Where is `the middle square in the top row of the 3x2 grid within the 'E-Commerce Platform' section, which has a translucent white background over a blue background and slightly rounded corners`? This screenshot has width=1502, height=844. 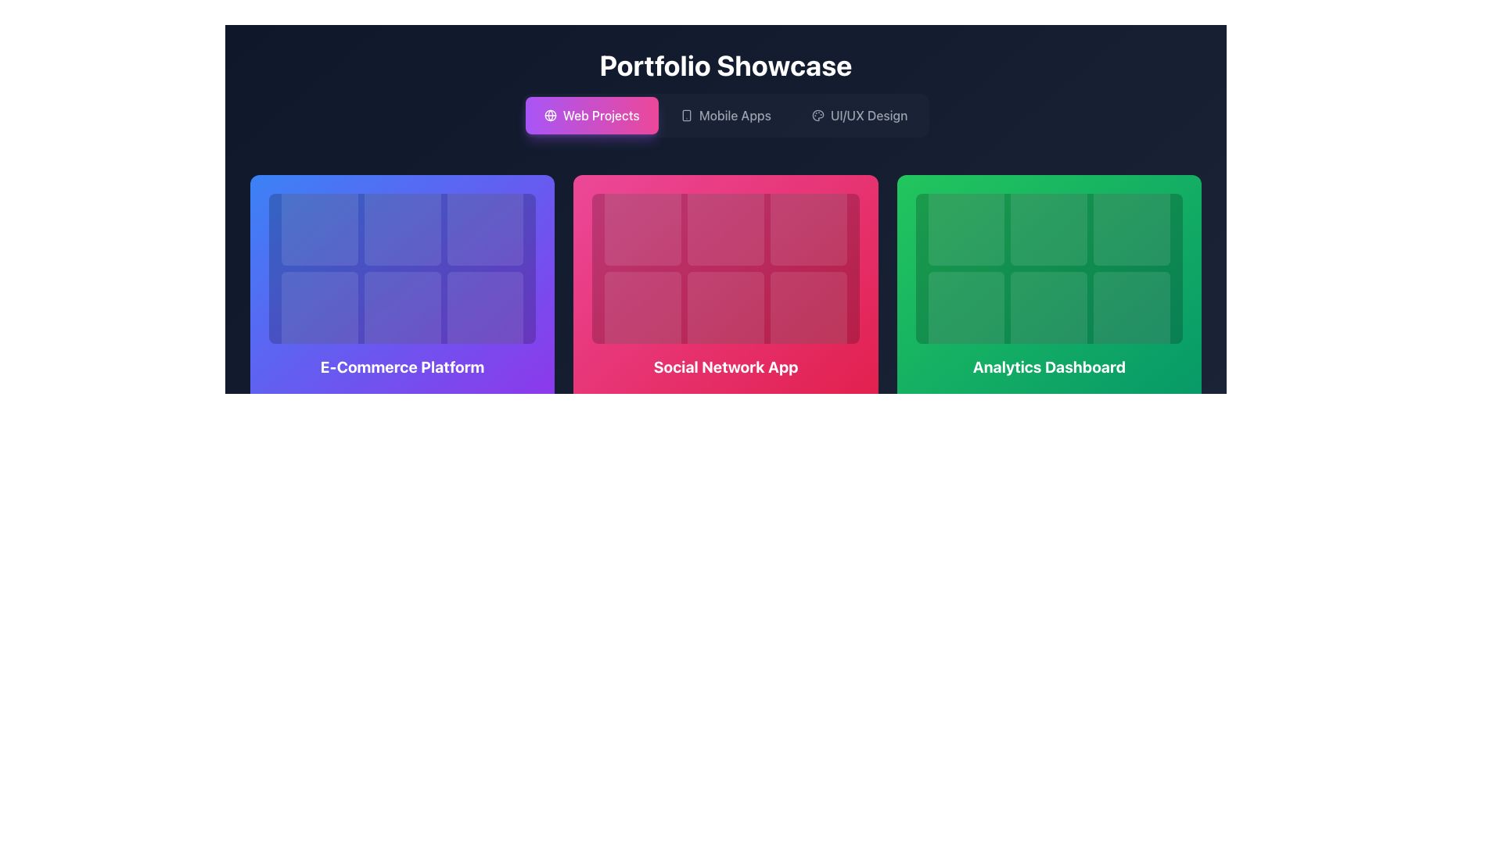 the middle square in the top row of the 3x2 grid within the 'E-Commerce Platform' section, which has a translucent white background over a blue background and slightly rounded corners is located at coordinates (402, 227).